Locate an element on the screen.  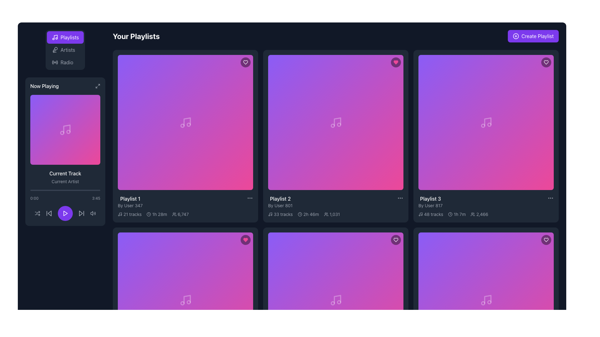
the 'Artists' navigation tab located in the vertical tab bar is located at coordinates (65, 49).